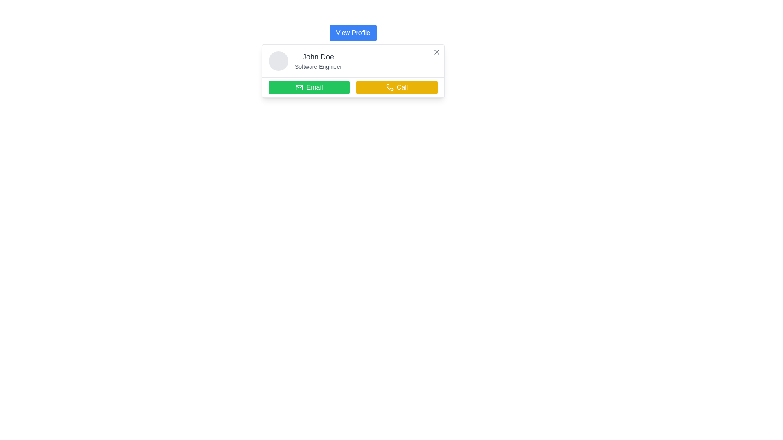  Describe the element at coordinates (389, 87) in the screenshot. I see `the phone icon represented in line art style` at that location.